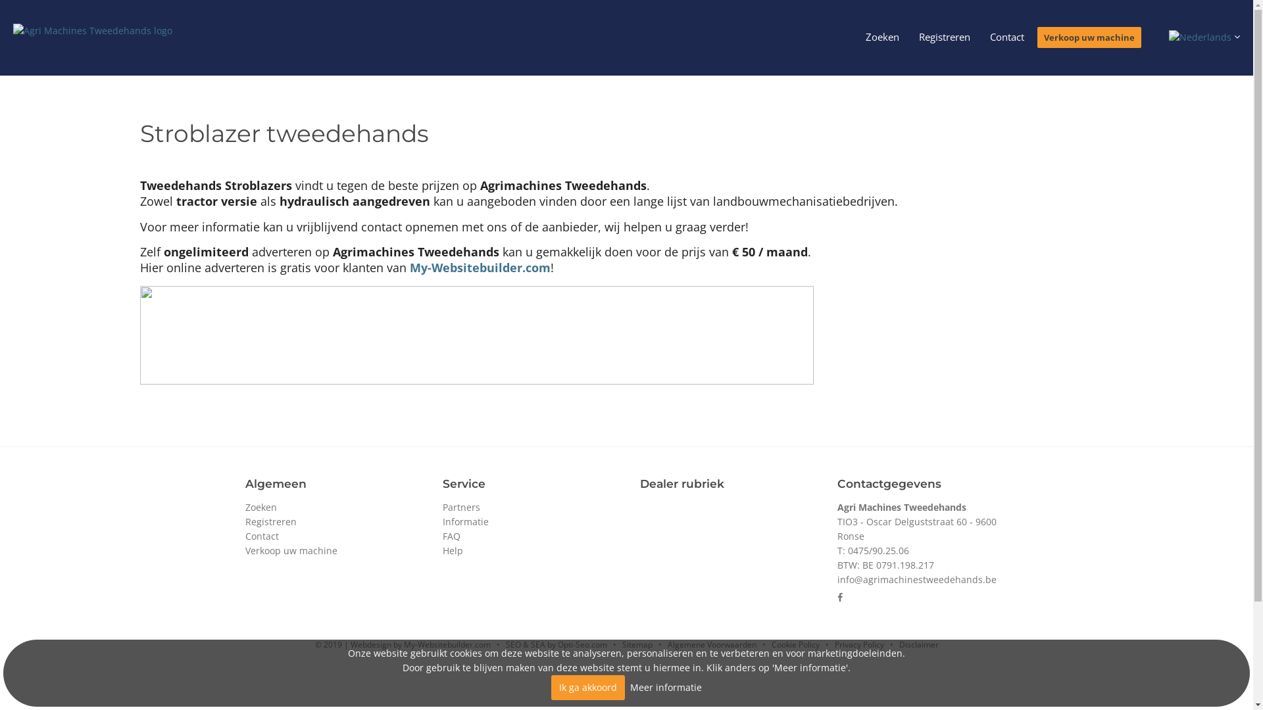 This screenshot has height=710, width=1263. What do you see at coordinates (451, 536) in the screenshot?
I see `'FAQ'` at bounding box center [451, 536].